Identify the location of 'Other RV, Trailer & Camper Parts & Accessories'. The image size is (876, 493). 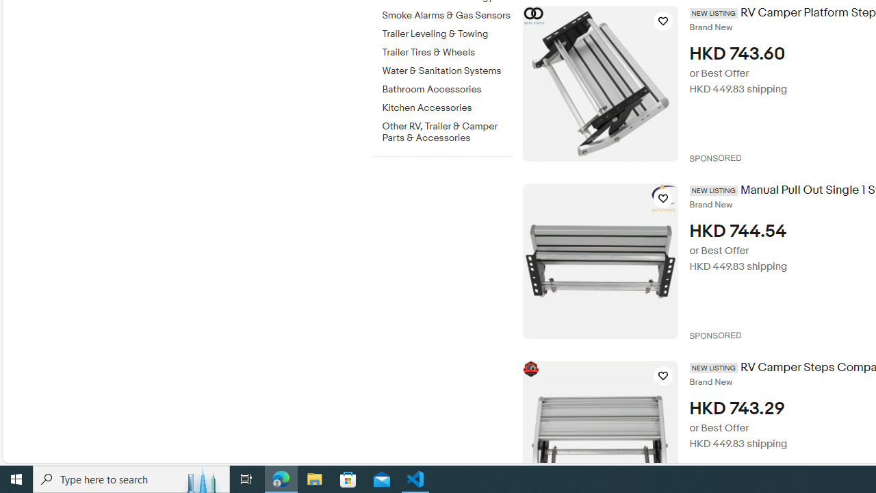
(447, 129).